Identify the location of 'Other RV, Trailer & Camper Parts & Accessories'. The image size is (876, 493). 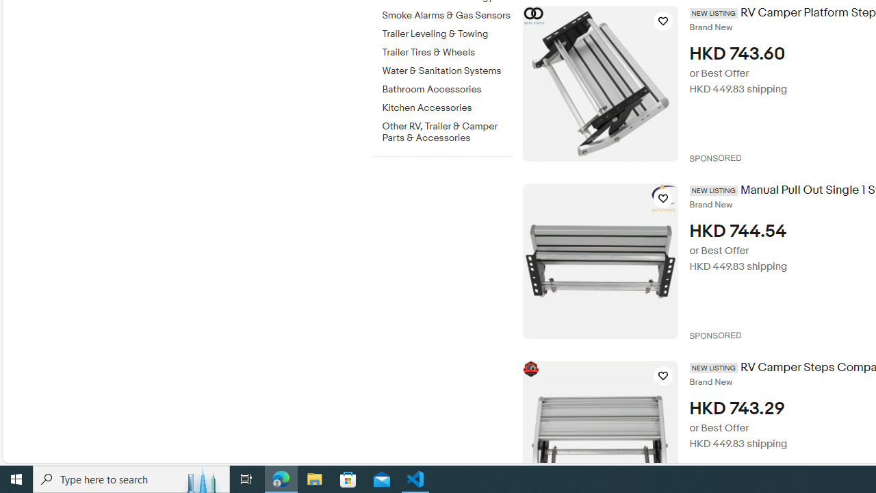
(447, 129).